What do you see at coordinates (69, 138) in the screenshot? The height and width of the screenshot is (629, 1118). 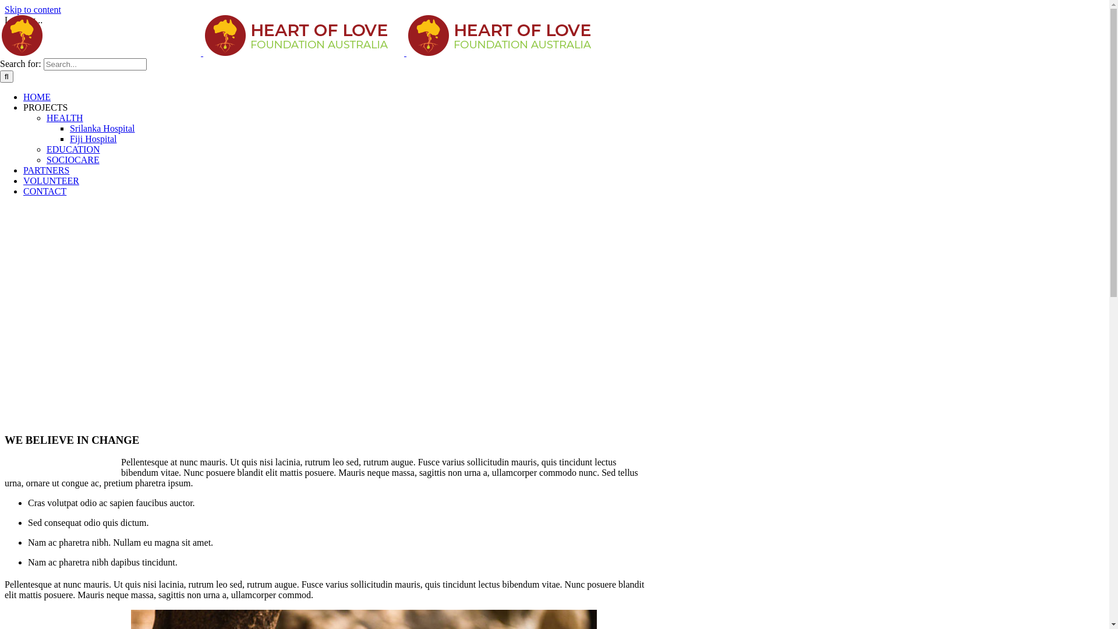 I see `'Fiji Hospital'` at bounding box center [69, 138].